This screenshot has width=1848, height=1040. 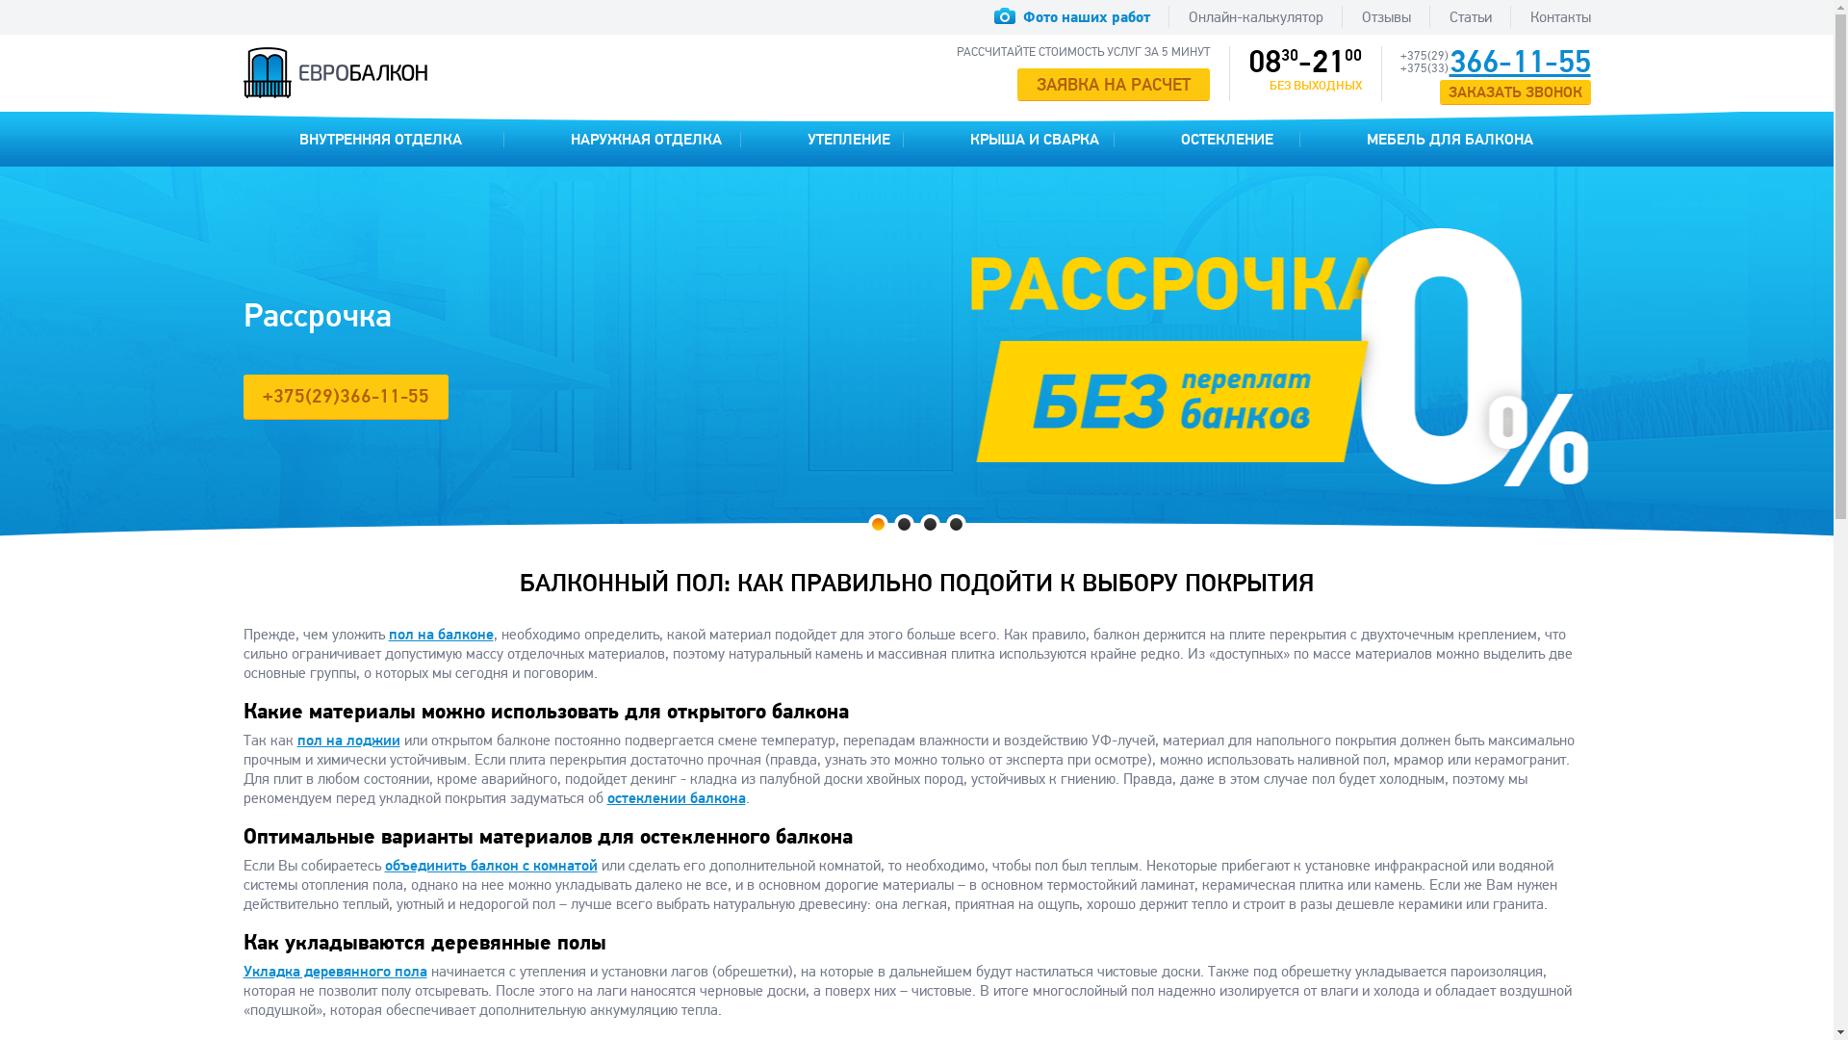 I want to click on '366-11-55', so click(x=1519, y=61).